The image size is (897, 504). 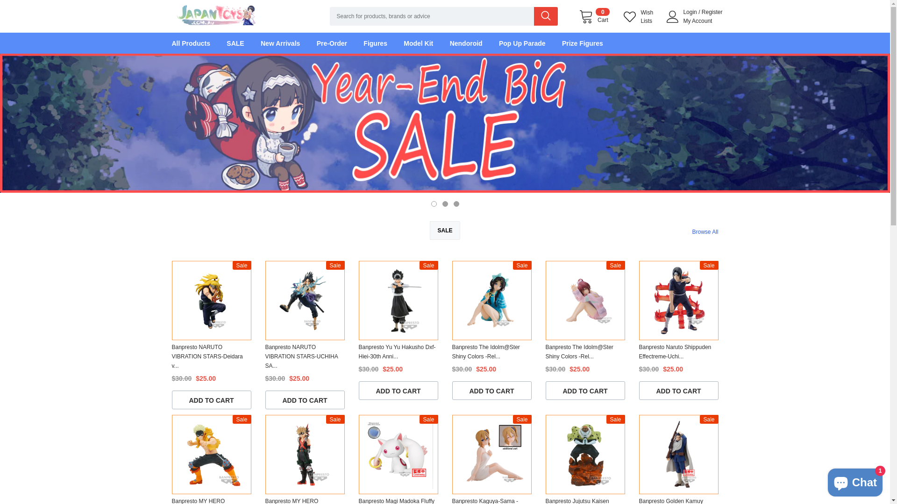 I want to click on 'SALE', so click(x=242, y=43).